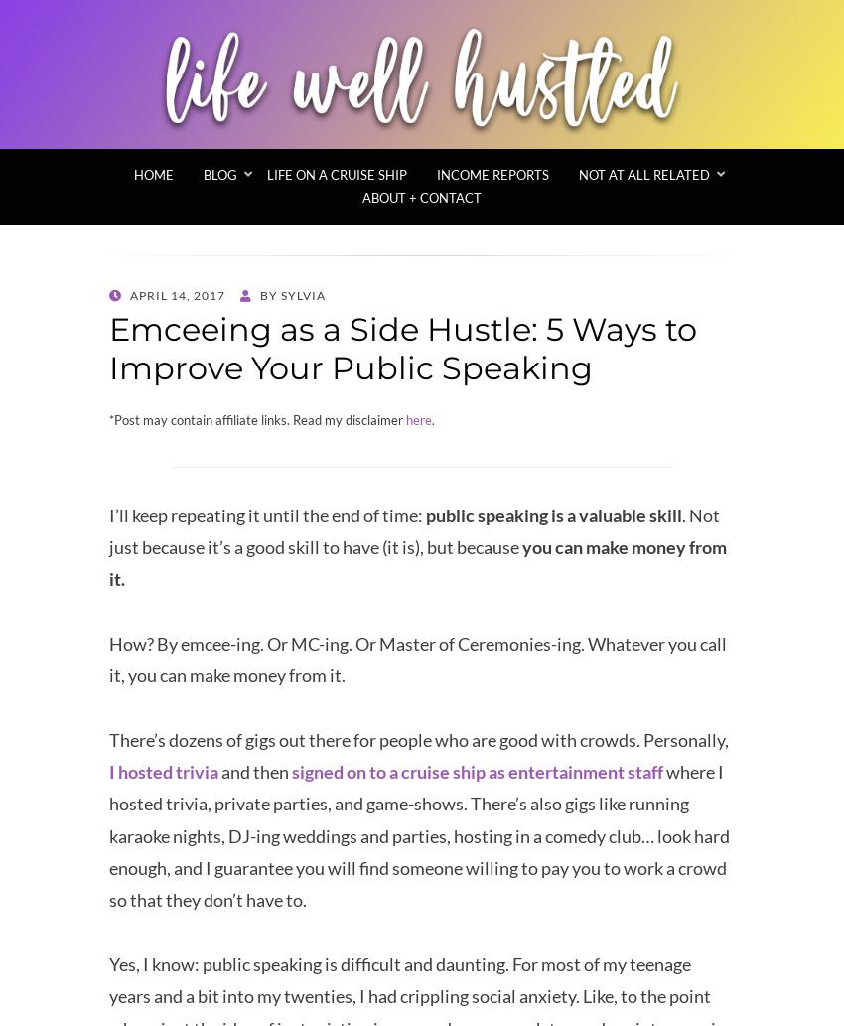  What do you see at coordinates (291, 770) in the screenshot?
I see `'signed on to a cruise ship as entertainment staff'` at bounding box center [291, 770].